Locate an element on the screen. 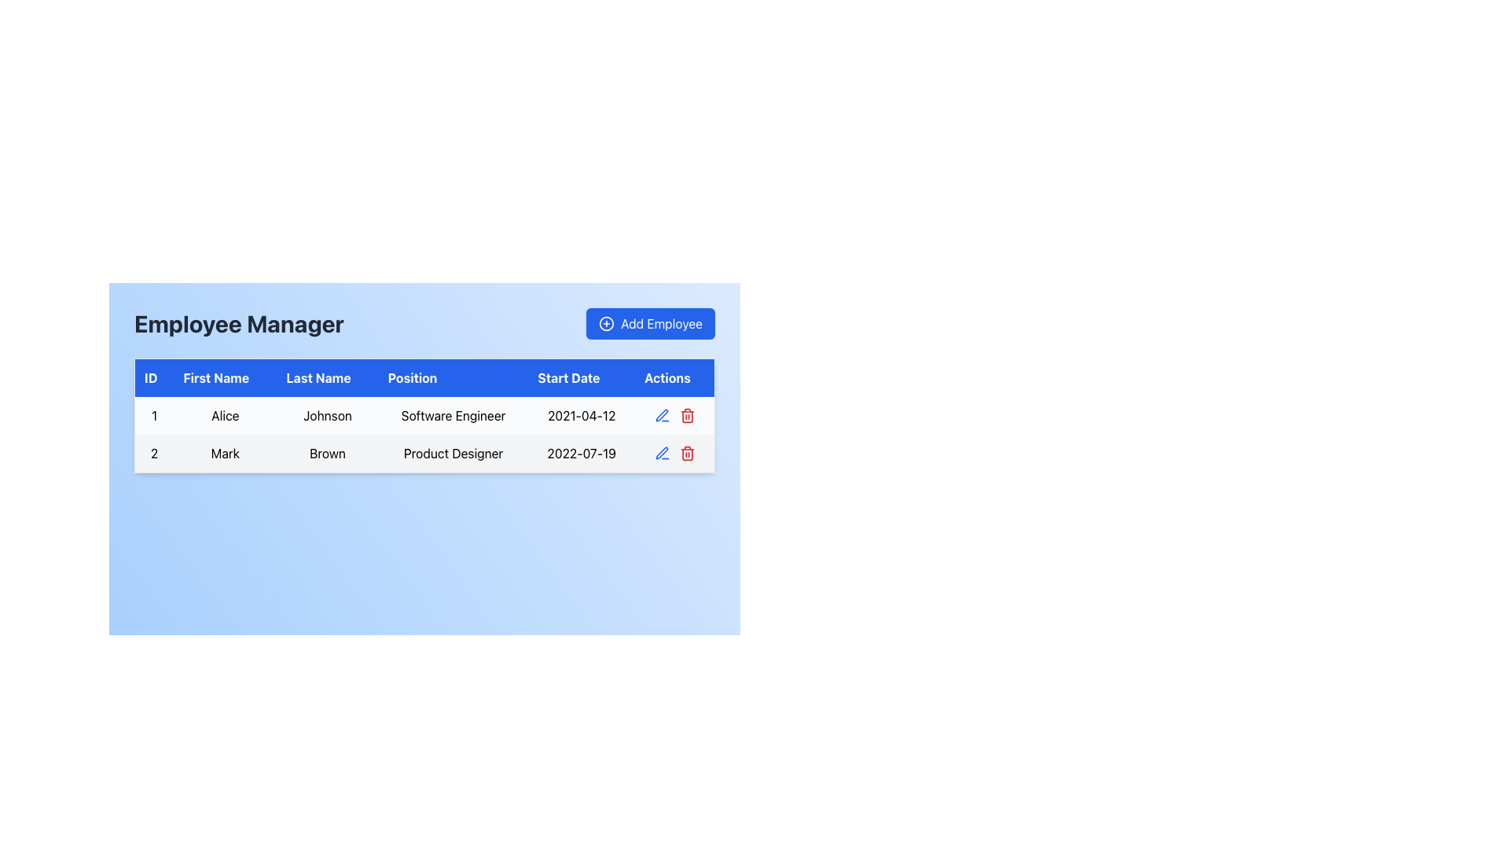 This screenshot has width=1509, height=849. the text label displaying the date '2022-07-19' located in the fifth column of the second row in the 'Employee Manager' table for employee 'Mark Brown' is located at coordinates (581, 454).